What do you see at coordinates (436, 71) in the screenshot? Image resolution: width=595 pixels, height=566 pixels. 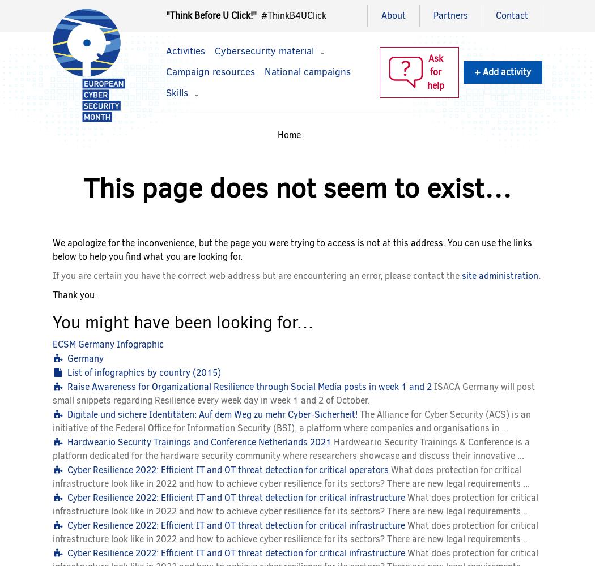 I see `'Ask for help'` at bounding box center [436, 71].